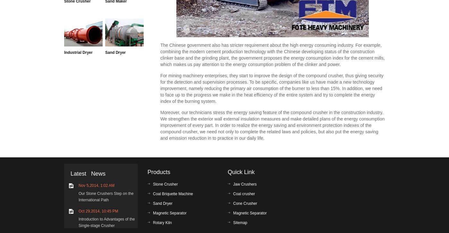 Image resolution: width=449 pixels, height=233 pixels. I want to click on 'Moreover, our technicians stress the energy saving feature of the compound crusher in the construction industry. We strengthen the exterior wall external insulation measures and make detailed plans of the energy consumption improvement of every part. In order to realize the energy saving and environment protection indexes of the compound crusher, we need not only to complete the related laws and policies, but also put the energy saving and emission reduction in to practice in our daily life.', so click(272, 125).